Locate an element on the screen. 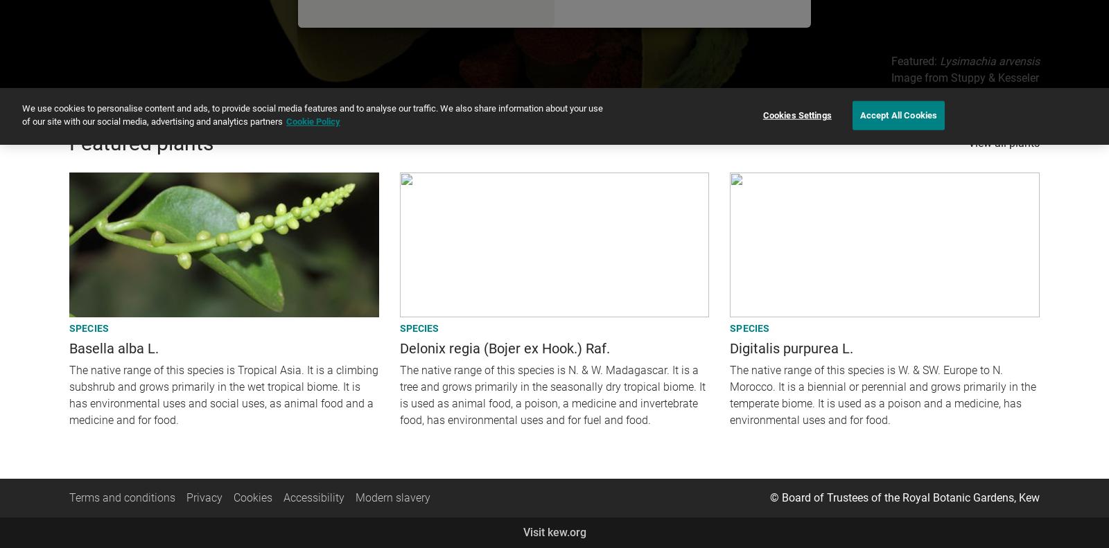  'Delonix regia (Bojer ex Hook.) Raf.' is located at coordinates (504, 346).